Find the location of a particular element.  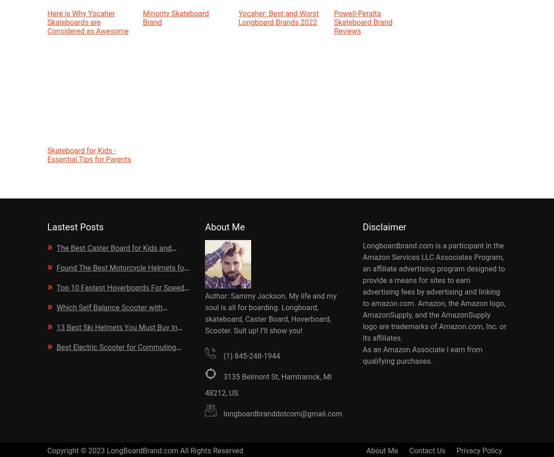

'As an Amazon Associate I earn from qualifying purchases.' is located at coordinates (422, 355).